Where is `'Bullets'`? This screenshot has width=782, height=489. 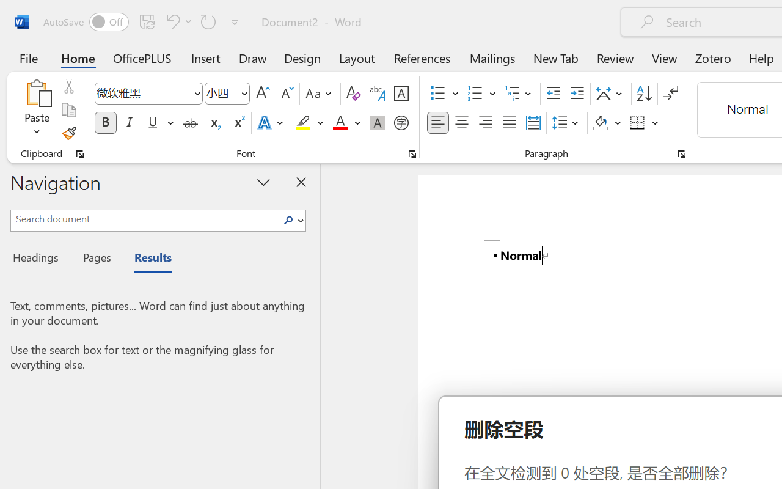 'Bullets' is located at coordinates (437, 94).